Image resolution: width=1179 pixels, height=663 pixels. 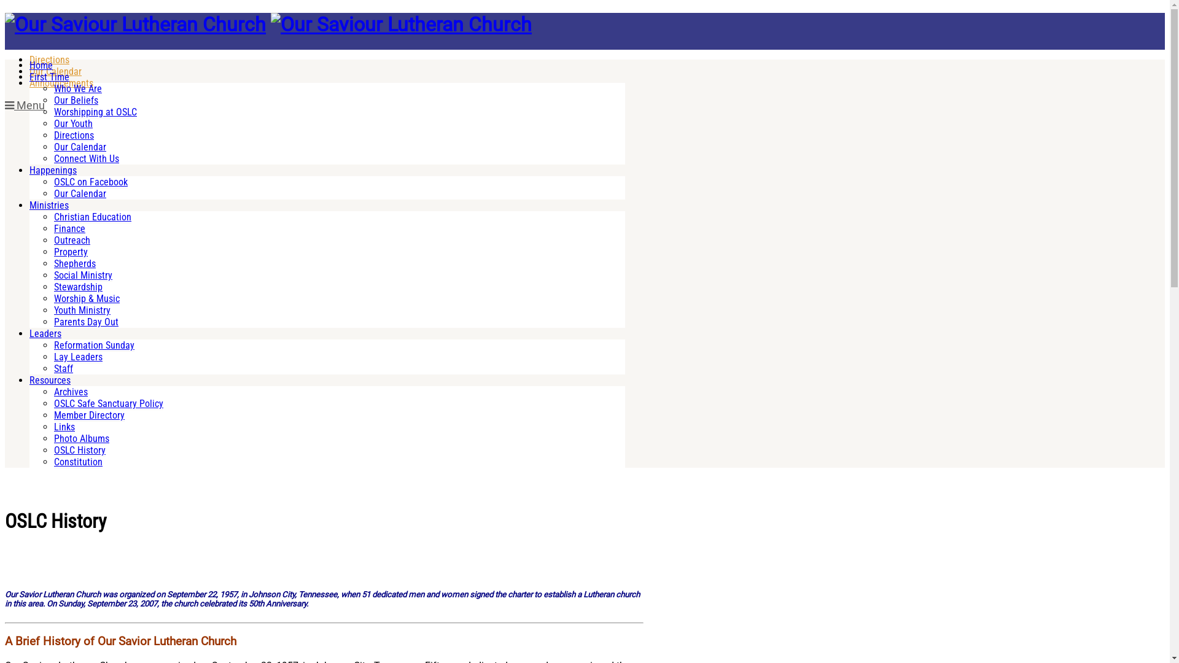 What do you see at coordinates (41, 65) in the screenshot?
I see `'Home'` at bounding box center [41, 65].